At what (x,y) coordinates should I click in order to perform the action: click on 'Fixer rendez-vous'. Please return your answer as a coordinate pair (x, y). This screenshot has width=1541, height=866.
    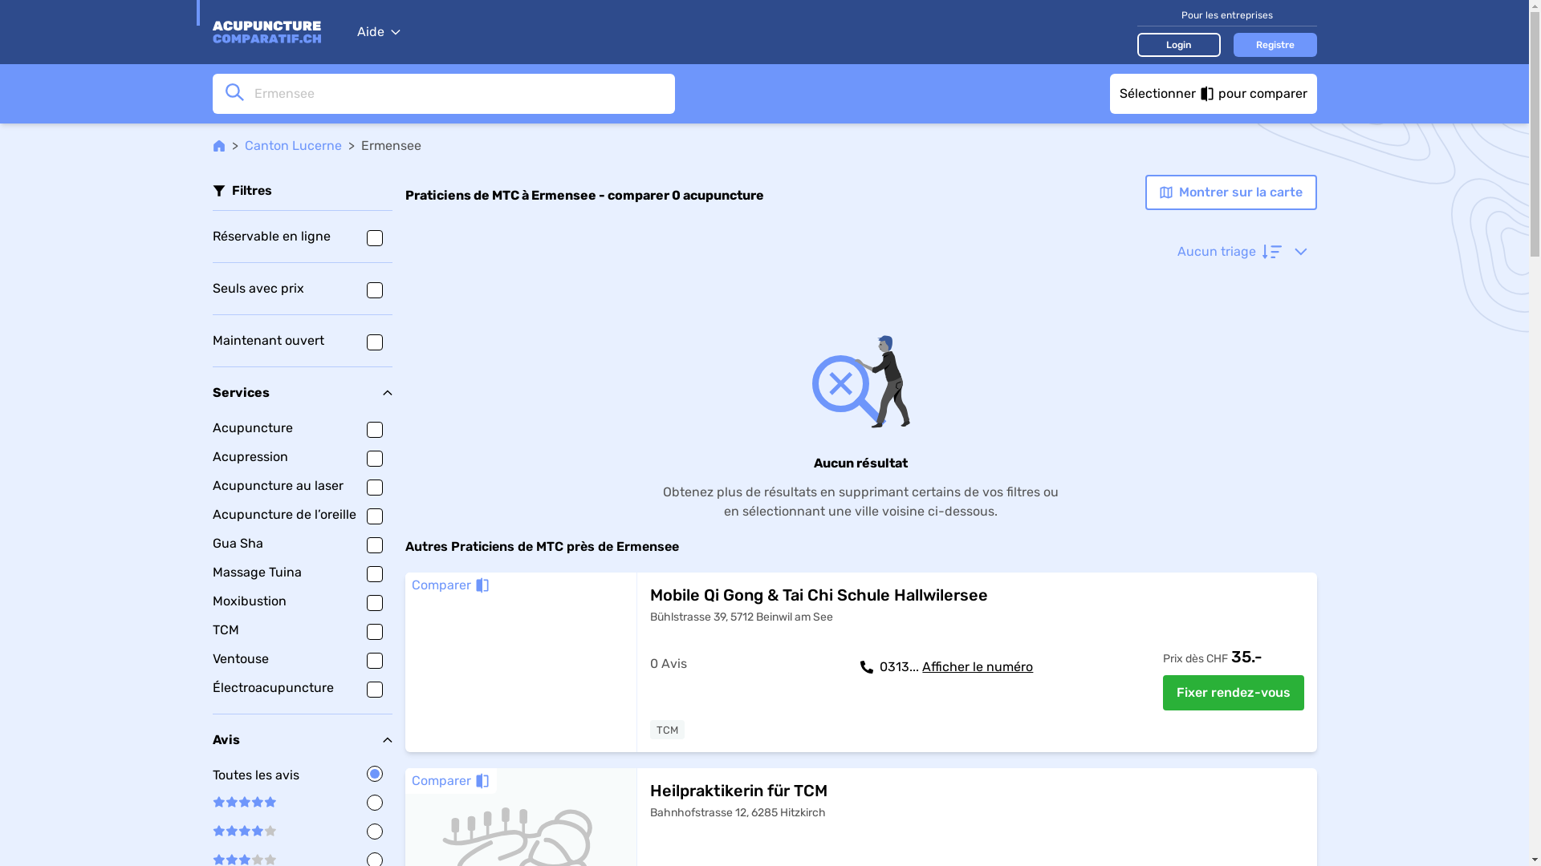
    Looking at the image, I should click on (1162, 692).